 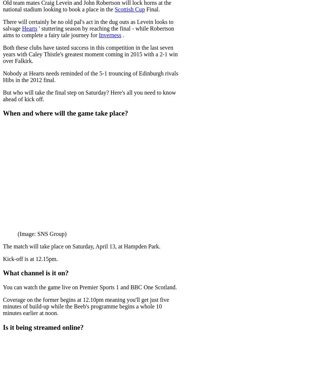 I want to click on 'Nobody at Hearts needs reminded of the 5-1 trouncing of Edinburgh rivals Hibs in the 2012 final.', so click(x=90, y=76).